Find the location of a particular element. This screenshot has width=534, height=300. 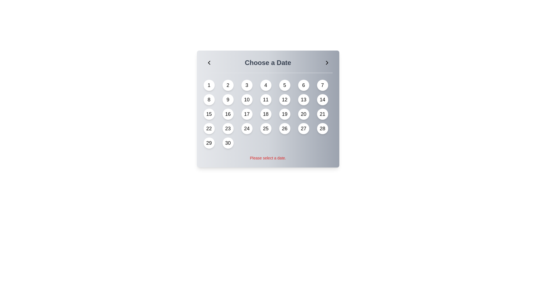

the selectable date button representing '29' in the calendar interface is located at coordinates (209, 143).